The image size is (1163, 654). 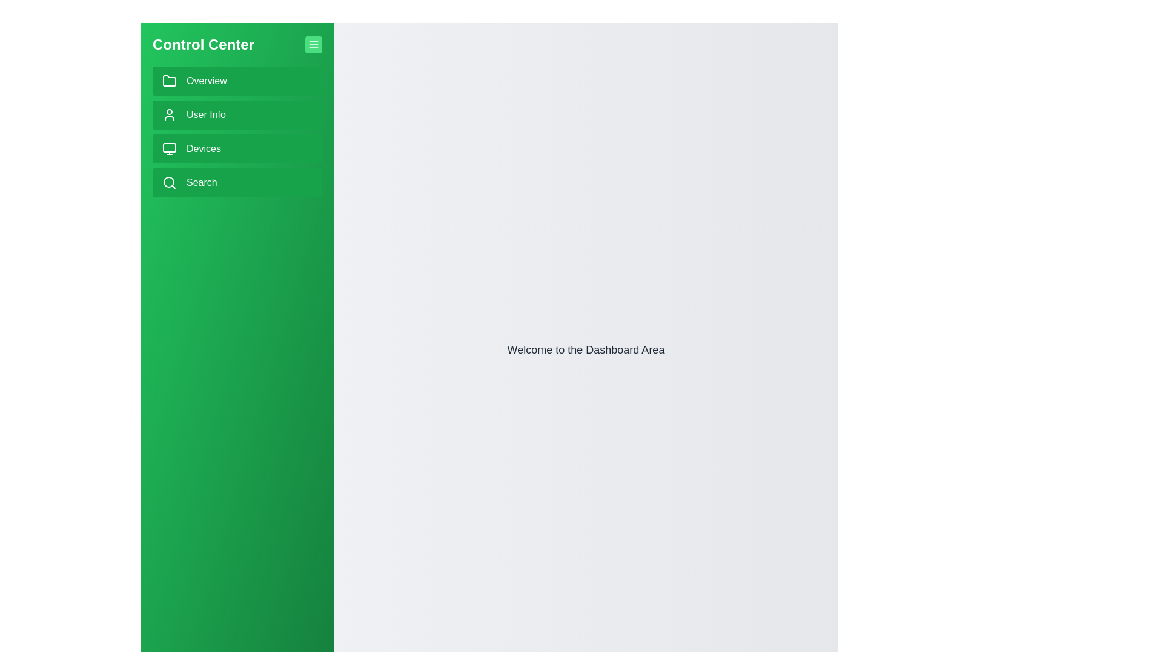 I want to click on the menu button in the sidebar header to toggle its visibility, so click(x=314, y=44).